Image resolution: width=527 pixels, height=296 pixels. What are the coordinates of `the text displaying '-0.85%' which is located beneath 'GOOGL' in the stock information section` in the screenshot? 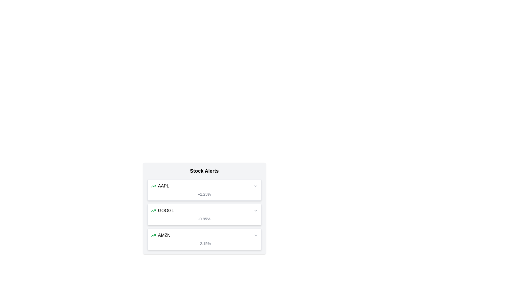 It's located at (204, 218).